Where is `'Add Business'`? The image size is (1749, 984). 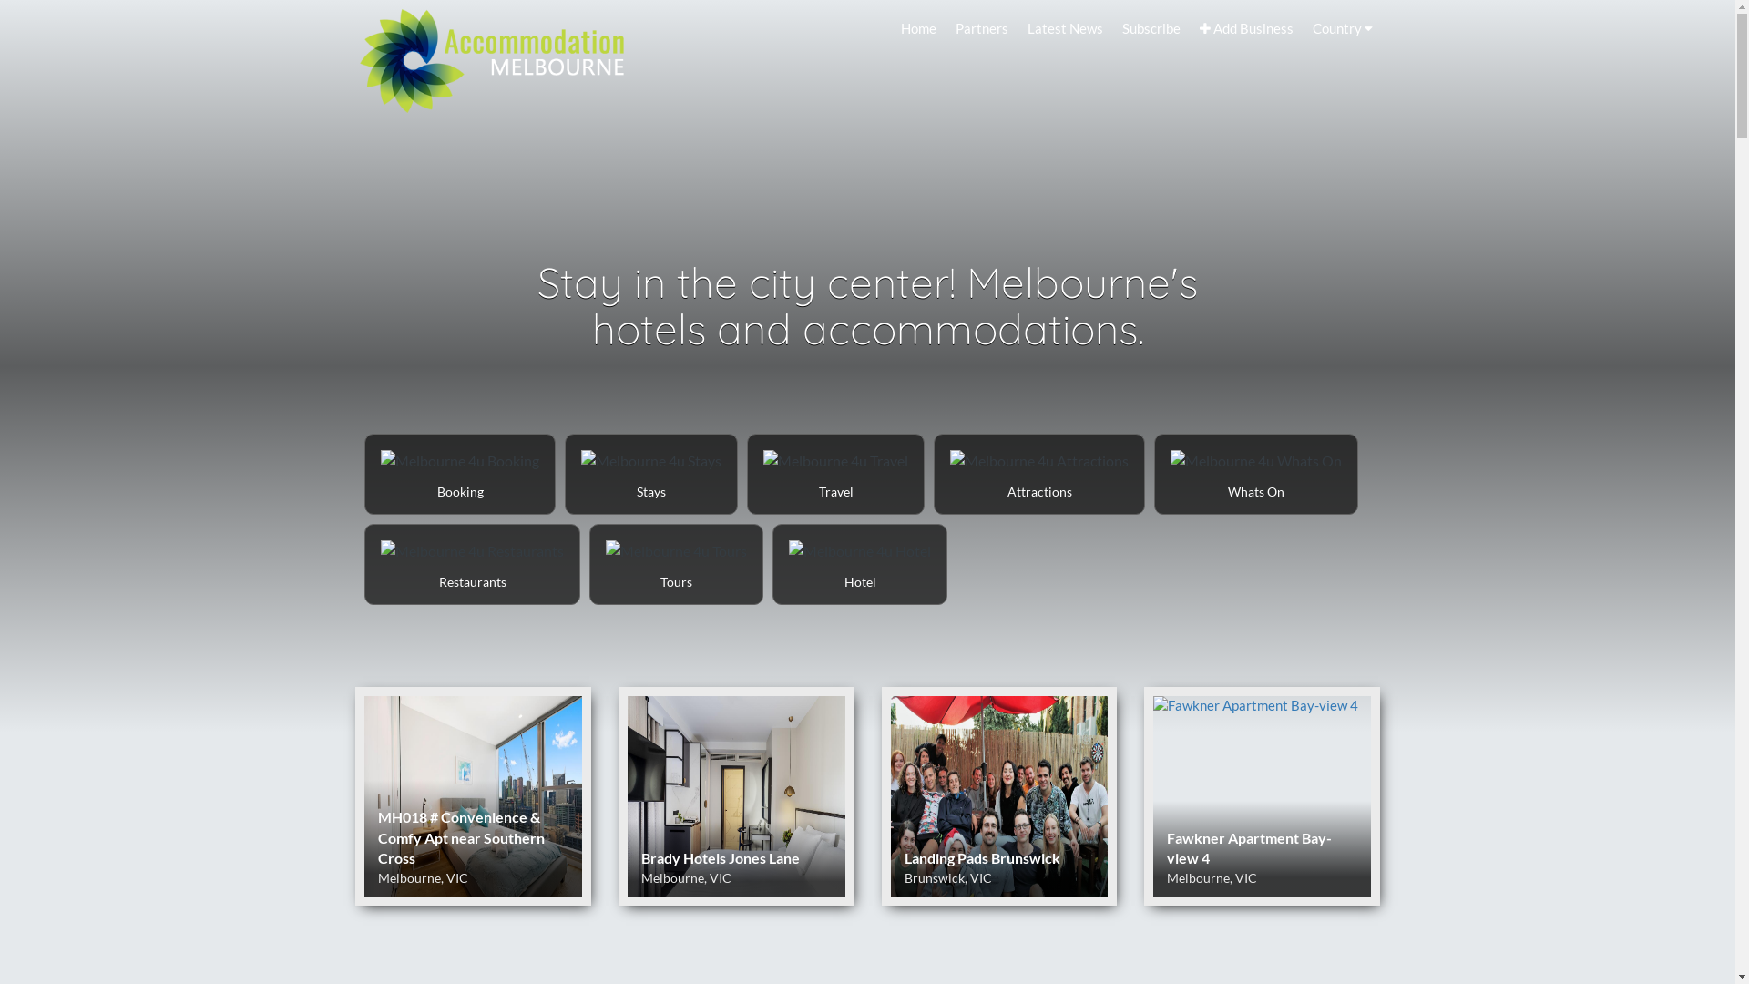
'Add Business' is located at coordinates (1245, 27).